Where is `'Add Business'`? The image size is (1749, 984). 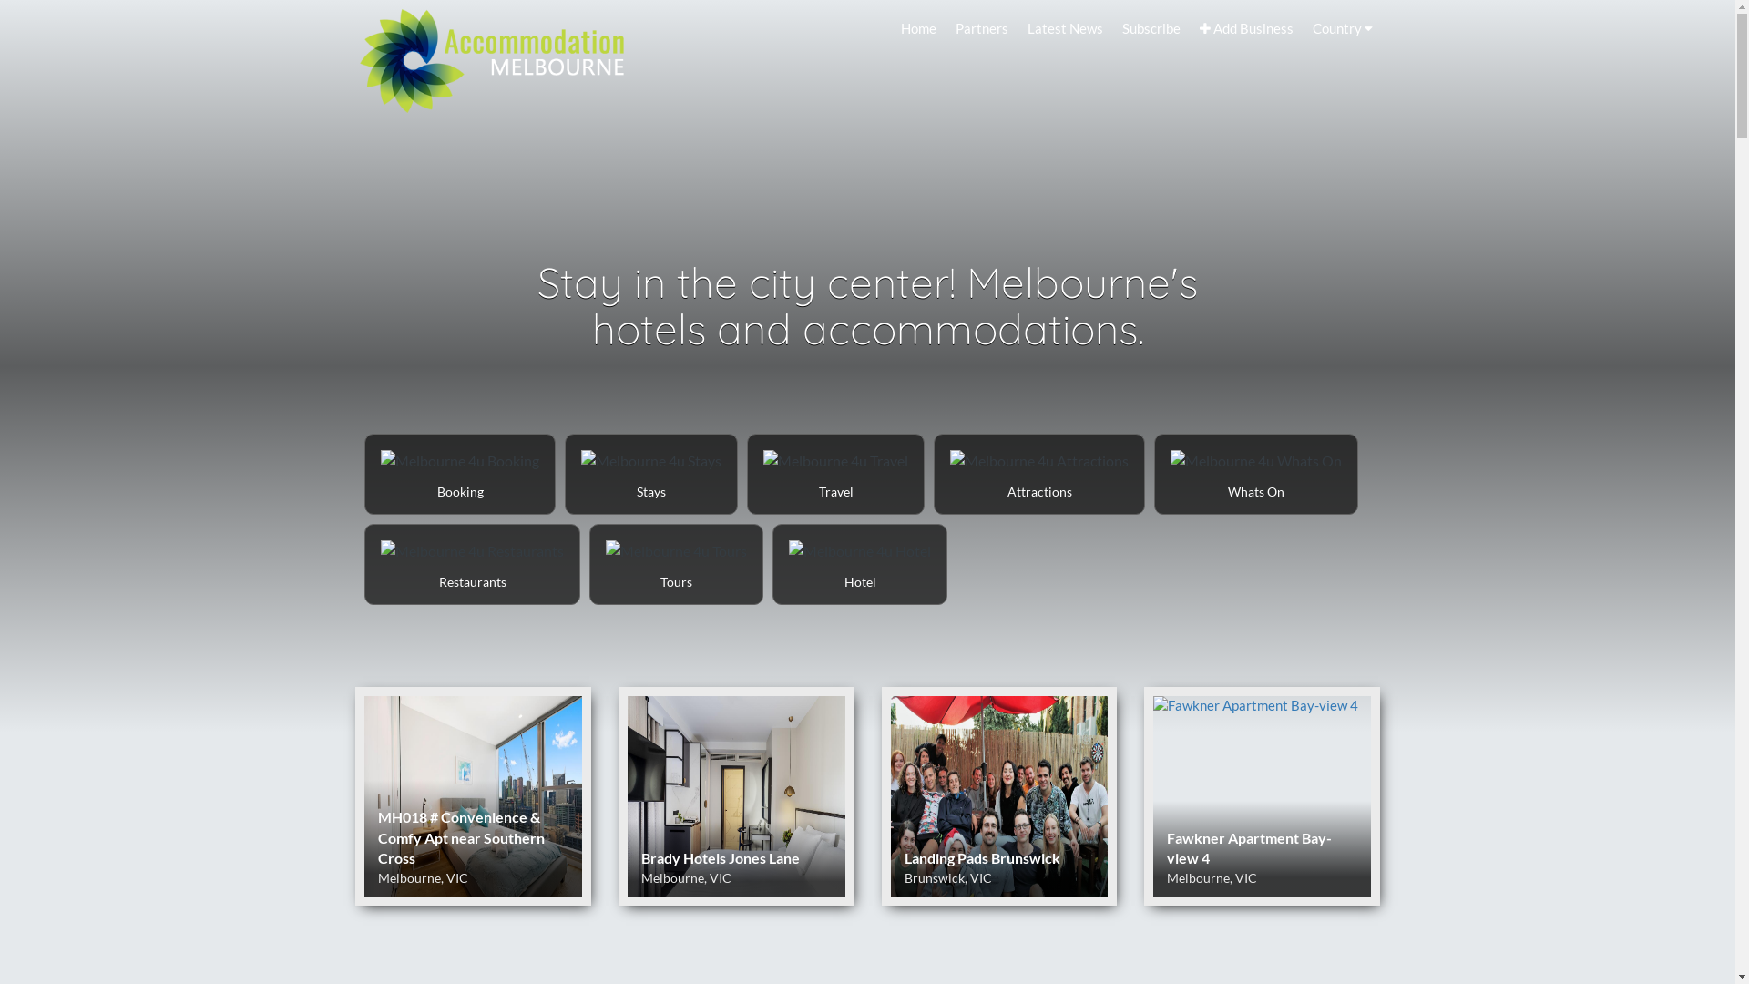
'Add Business' is located at coordinates (1245, 27).